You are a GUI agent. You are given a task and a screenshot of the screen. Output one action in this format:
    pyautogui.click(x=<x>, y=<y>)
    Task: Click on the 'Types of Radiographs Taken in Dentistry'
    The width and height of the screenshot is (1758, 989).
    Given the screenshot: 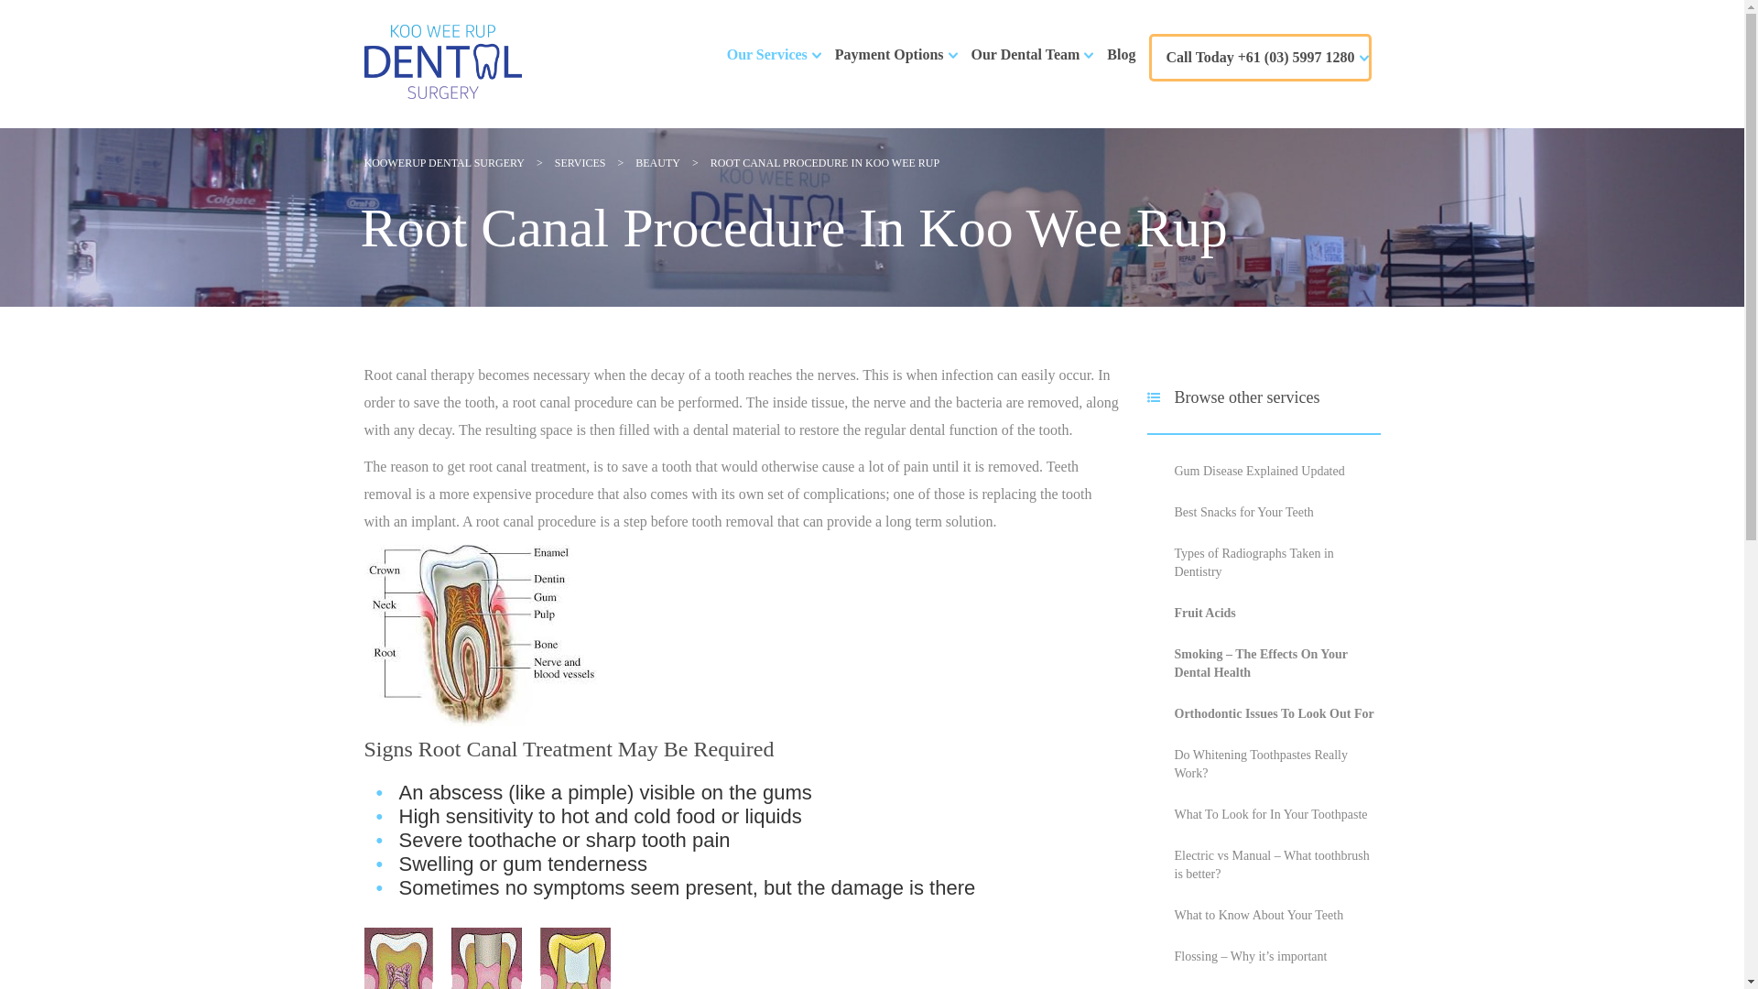 What is the action you would take?
    pyautogui.click(x=1252, y=561)
    